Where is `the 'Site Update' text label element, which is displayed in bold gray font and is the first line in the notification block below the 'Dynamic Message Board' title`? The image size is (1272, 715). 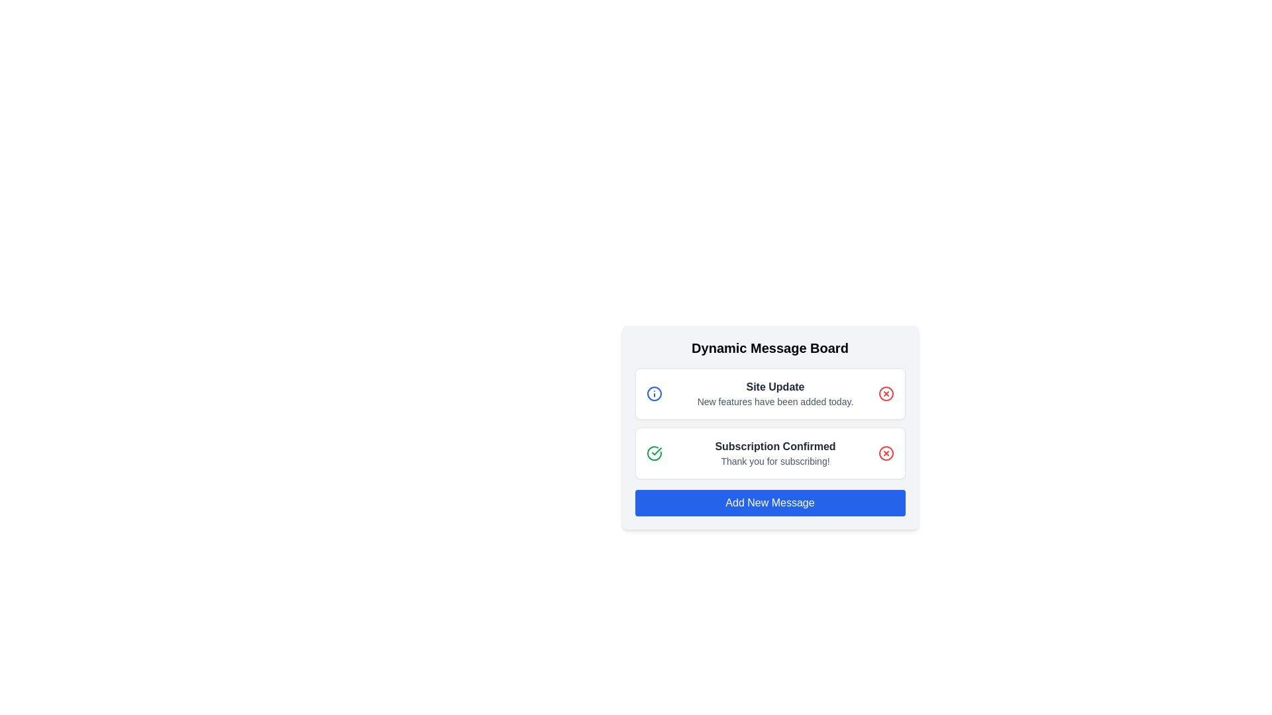 the 'Site Update' text label element, which is displayed in bold gray font and is the first line in the notification block below the 'Dynamic Message Board' title is located at coordinates (775, 387).